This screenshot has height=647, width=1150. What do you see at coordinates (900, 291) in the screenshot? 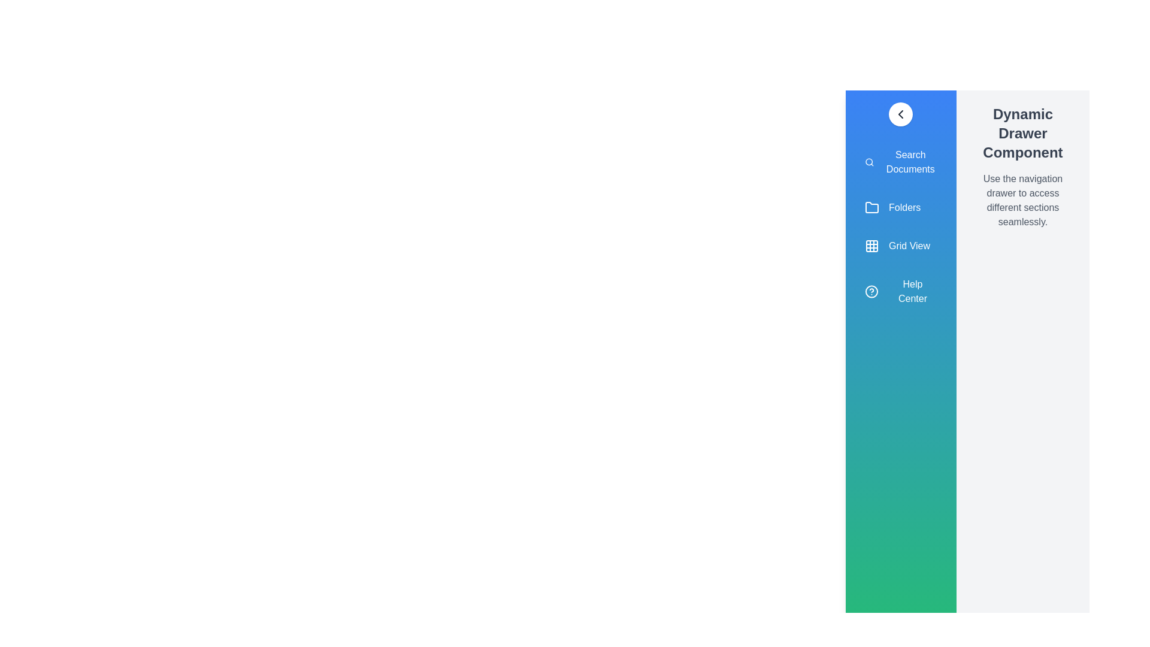
I see `the menu item Help Center` at bounding box center [900, 291].